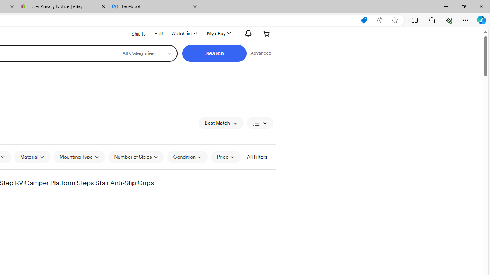 This screenshot has width=490, height=275. I want to click on 'AutomationID: gh-eb-Alerts', so click(247, 33).